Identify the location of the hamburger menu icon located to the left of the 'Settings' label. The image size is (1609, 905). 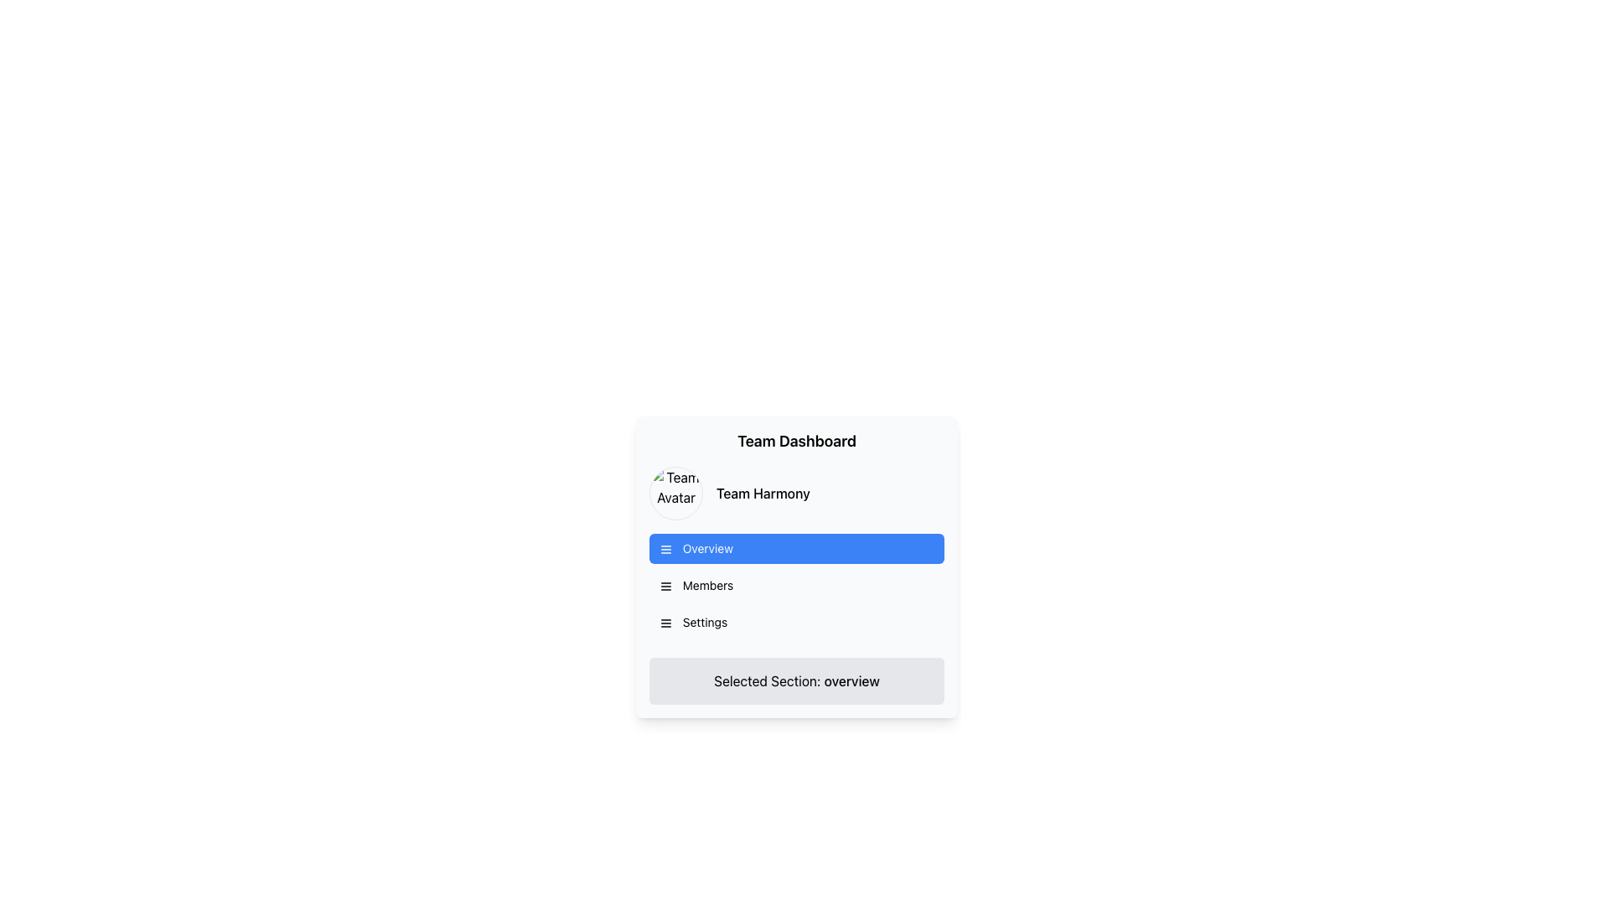
(665, 623).